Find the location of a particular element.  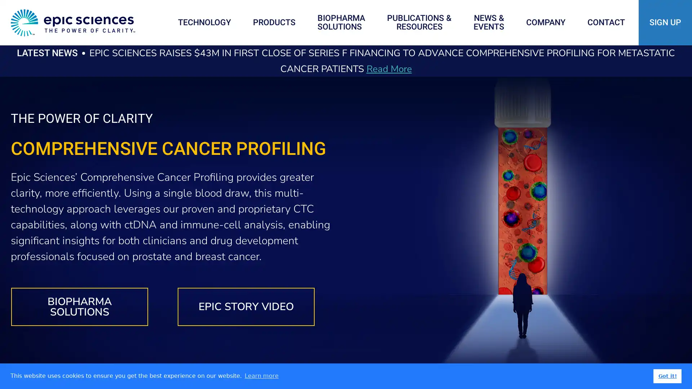

learn more about cookies is located at coordinates (261, 376).